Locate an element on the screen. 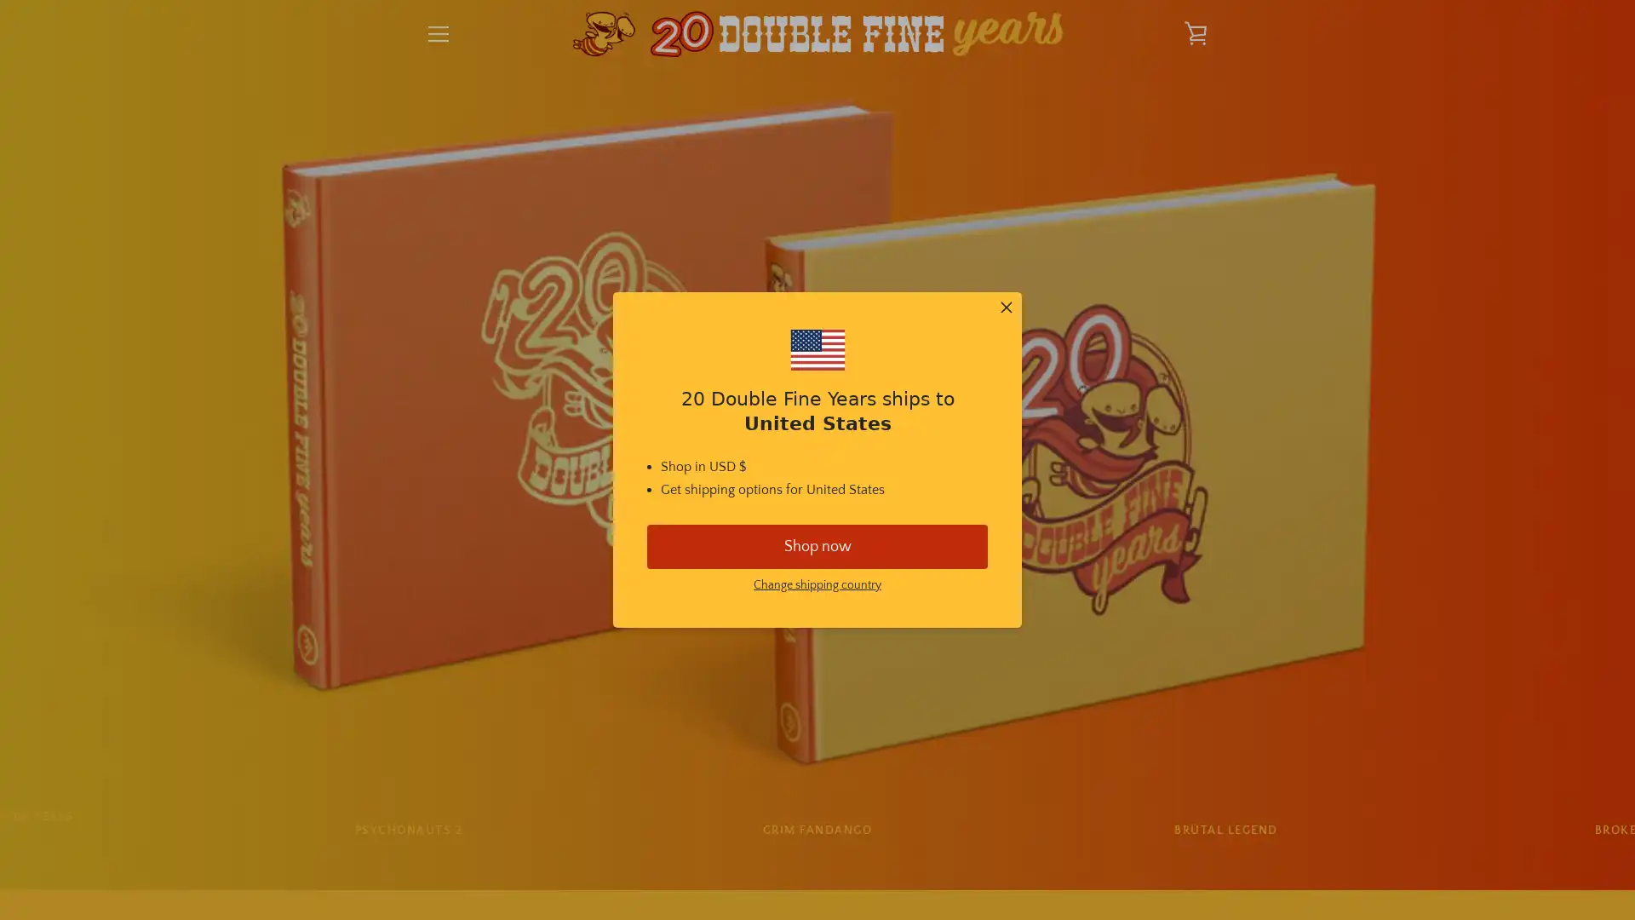 This screenshot has height=920, width=1635. Change shipping country is located at coordinates (817, 584).